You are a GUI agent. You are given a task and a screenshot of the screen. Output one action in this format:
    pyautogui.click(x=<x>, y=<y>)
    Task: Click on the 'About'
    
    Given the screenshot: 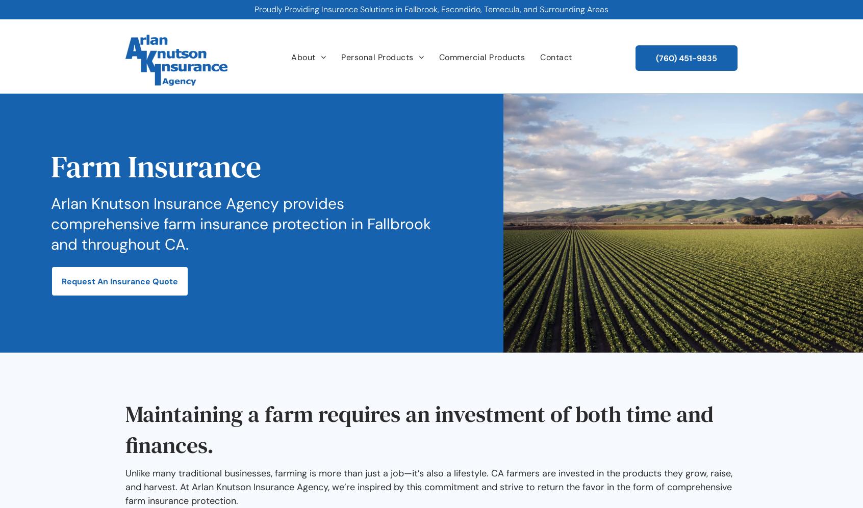 What is the action you would take?
    pyautogui.click(x=302, y=57)
    